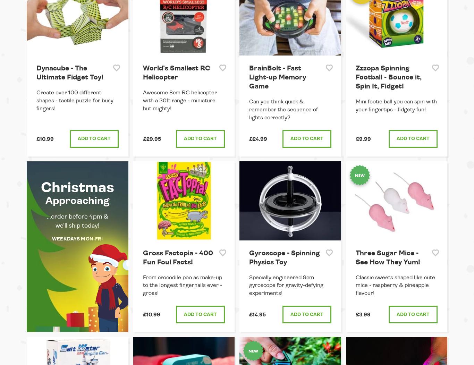  I want to click on 'Gross Factopia - 400 Fun Foul Facts!', so click(142, 257).